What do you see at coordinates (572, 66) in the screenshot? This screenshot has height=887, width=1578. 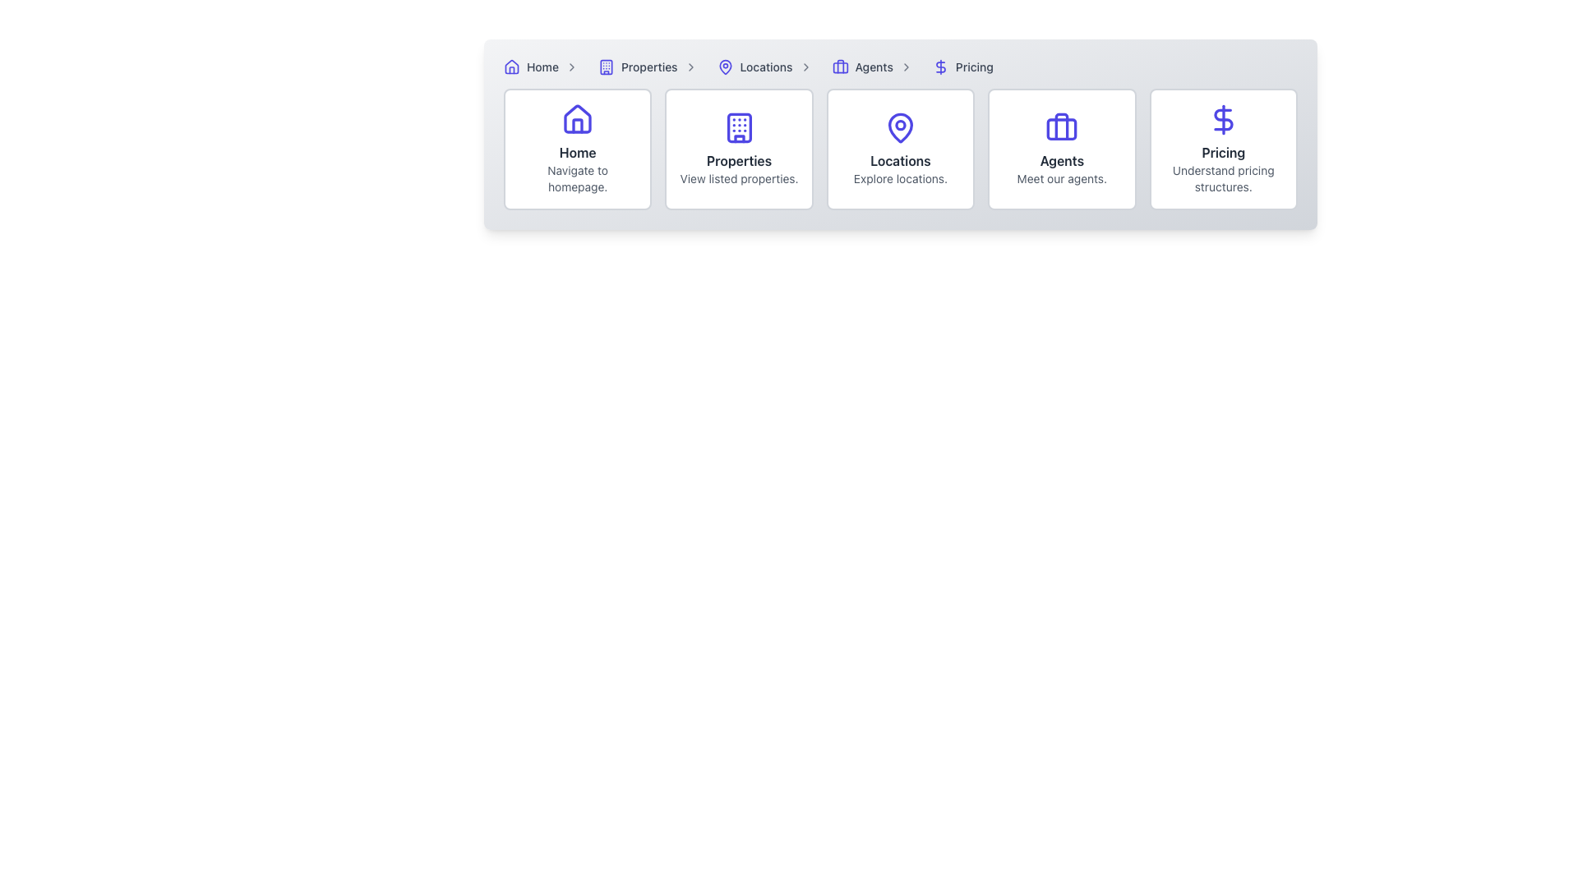 I see `the rightward-pointing chevron icon, which is styled with a thin, rounded line design and serves as a separator in the breadcrumb navigation, located immediately to the right of the 'Home' text link` at bounding box center [572, 66].